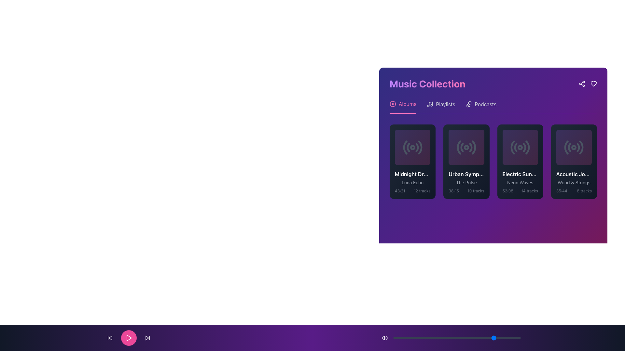  I want to click on the 'Acoustic Journey' square visual card with rounded corners and a gradient background in the 'Music Collection' section, so click(574, 147).